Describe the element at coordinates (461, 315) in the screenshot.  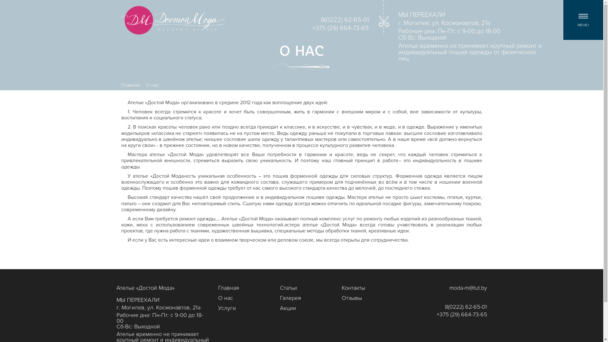
I see `'+375 (29) 664-73-65'` at that location.